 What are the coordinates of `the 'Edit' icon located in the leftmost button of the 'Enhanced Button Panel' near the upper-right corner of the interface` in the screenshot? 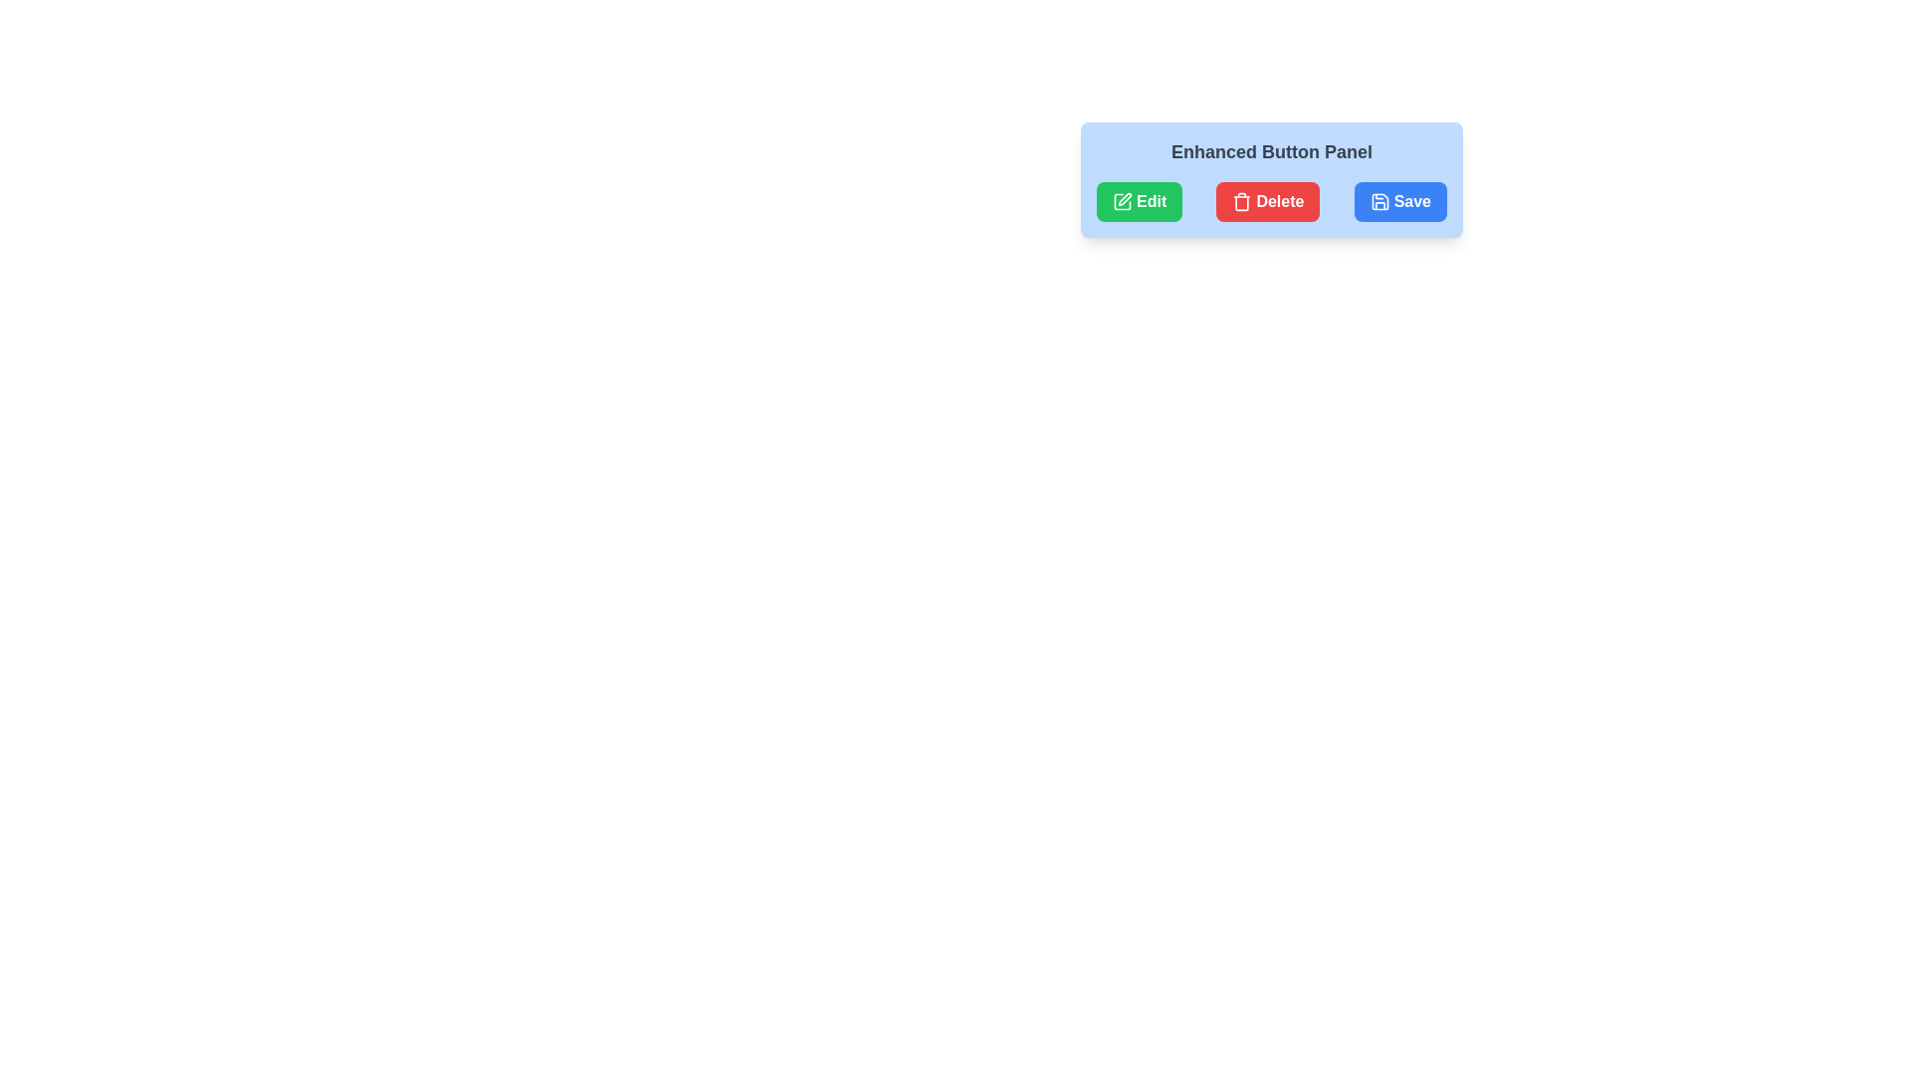 It's located at (1125, 199).